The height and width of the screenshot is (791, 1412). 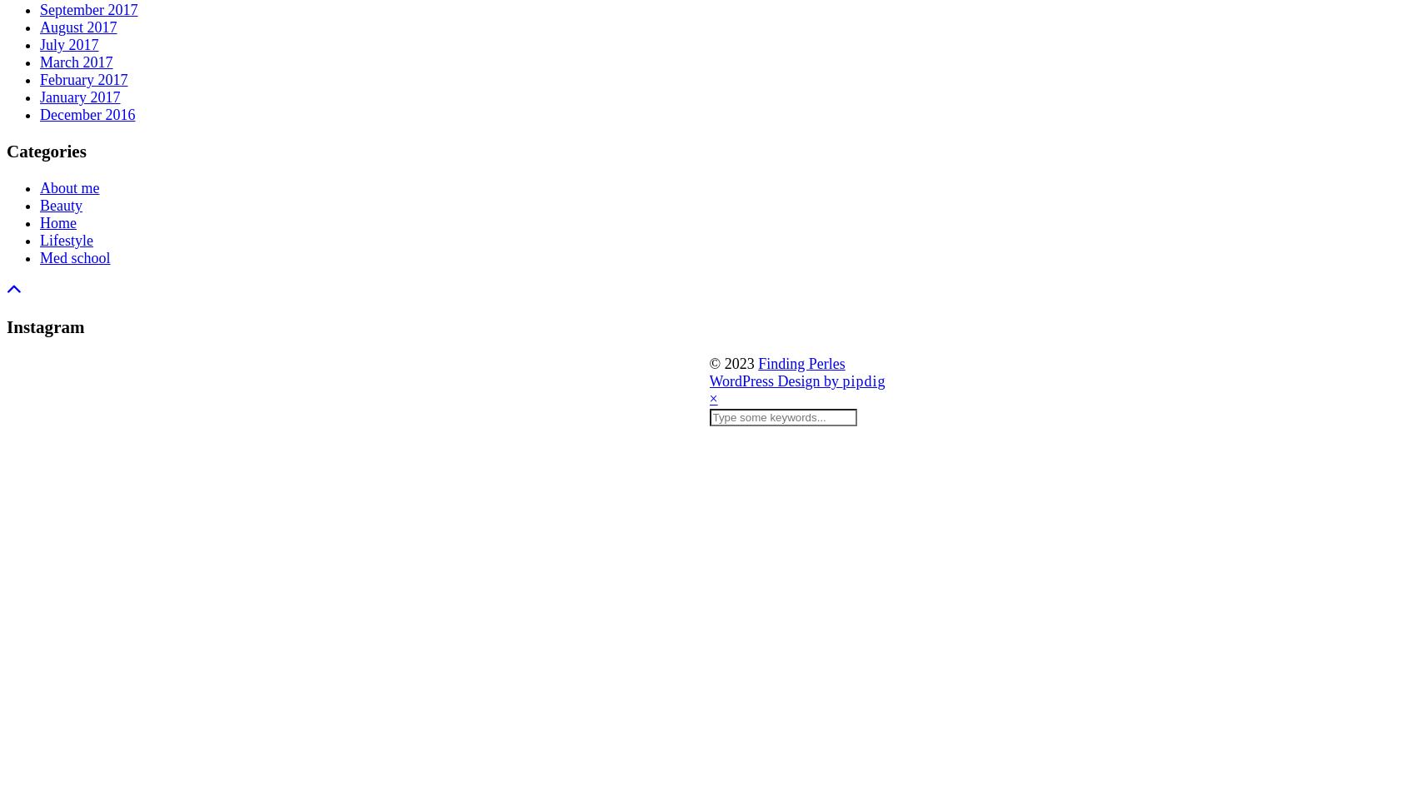 I want to click on 'March 2017', so click(x=75, y=62).